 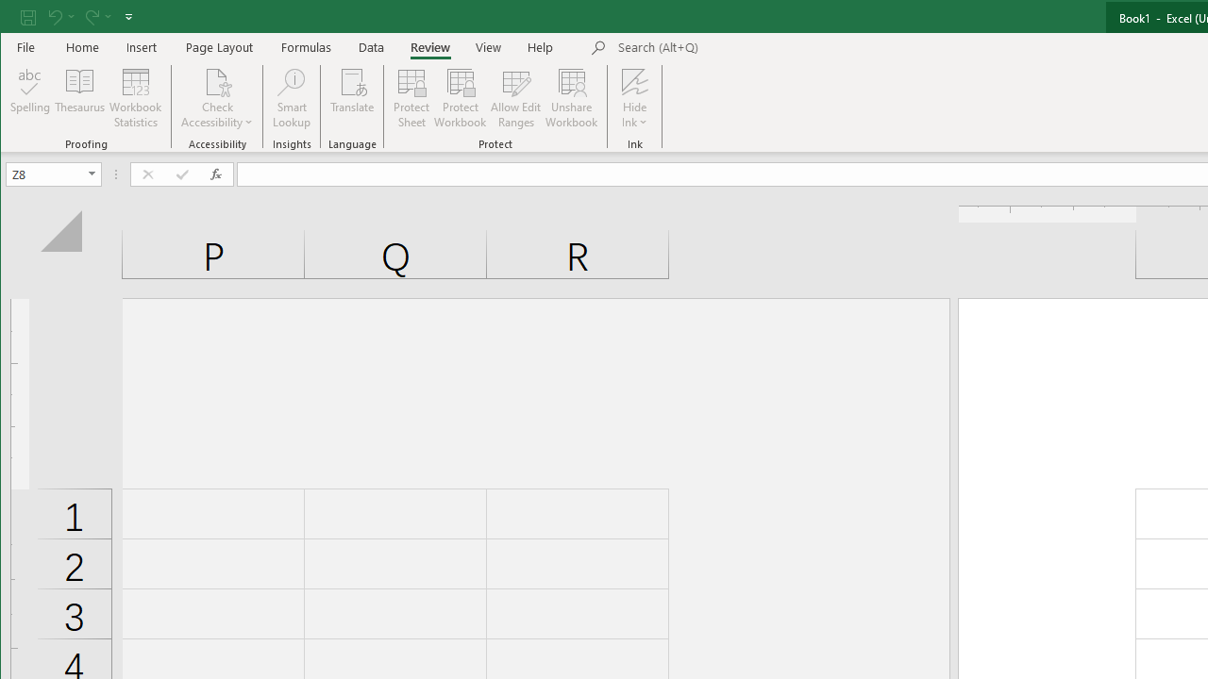 I want to click on 'Workbook Statistics', so click(x=135, y=98).